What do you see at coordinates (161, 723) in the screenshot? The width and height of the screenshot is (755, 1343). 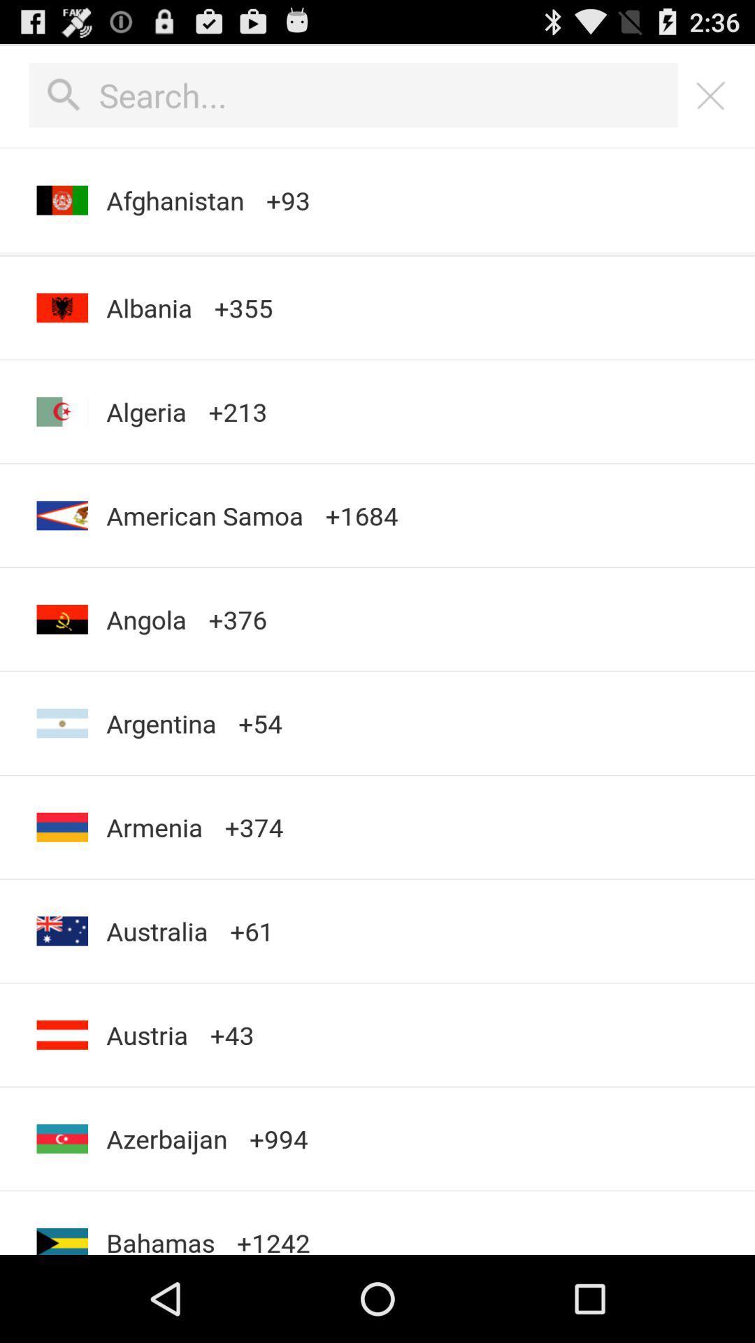 I see `the item above the armenia item` at bounding box center [161, 723].